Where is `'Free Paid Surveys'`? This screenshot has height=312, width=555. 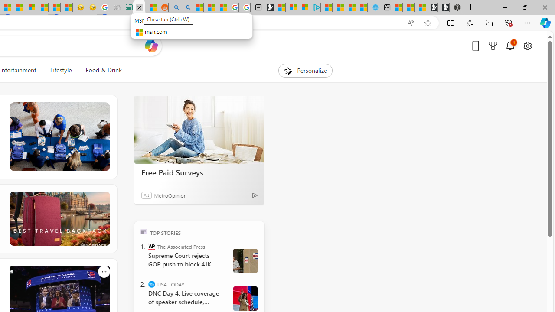
'Free Paid Surveys' is located at coordinates (199, 130).